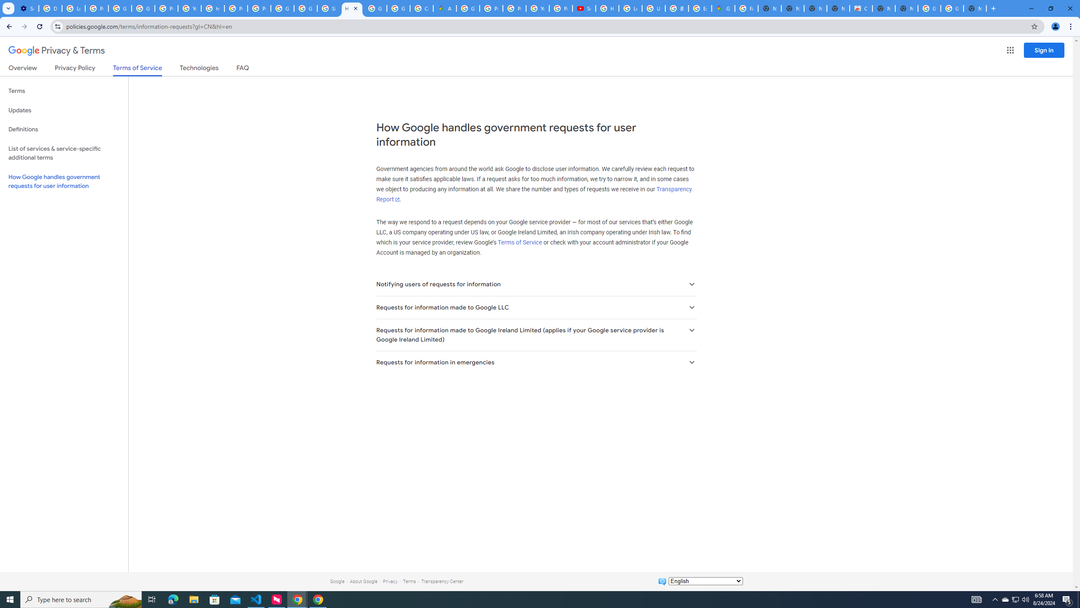  I want to click on 'New Tab', so click(975, 8).